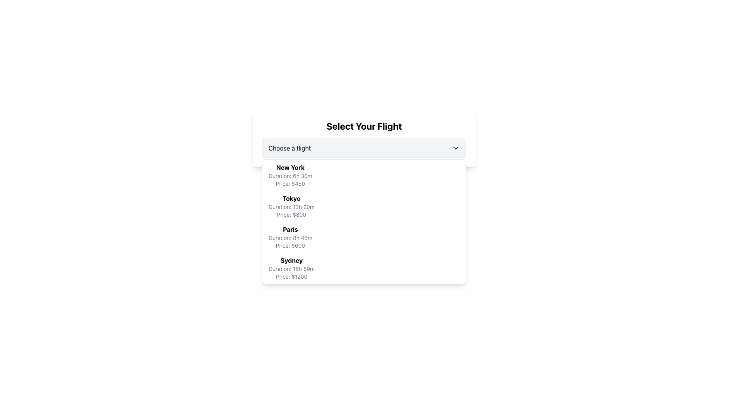 Image resolution: width=743 pixels, height=418 pixels. What do you see at coordinates (363, 268) in the screenshot?
I see `to select the destination option labeled 'Sydney' in the dropdown menu, which is the last item in the list` at bounding box center [363, 268].